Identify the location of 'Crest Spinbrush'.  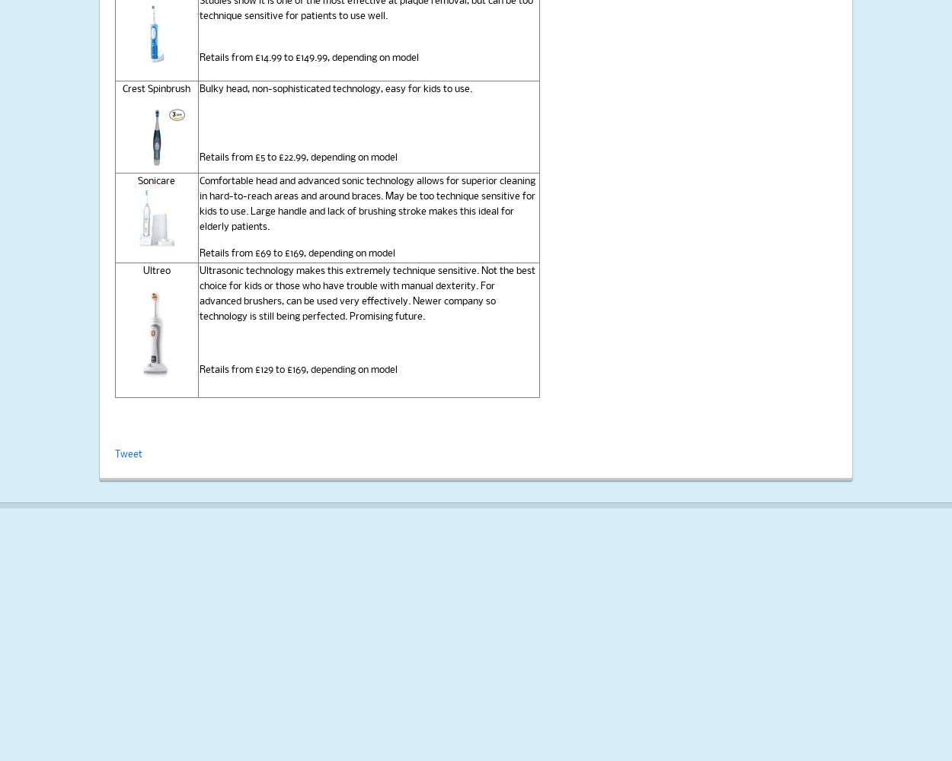
(155, 88).